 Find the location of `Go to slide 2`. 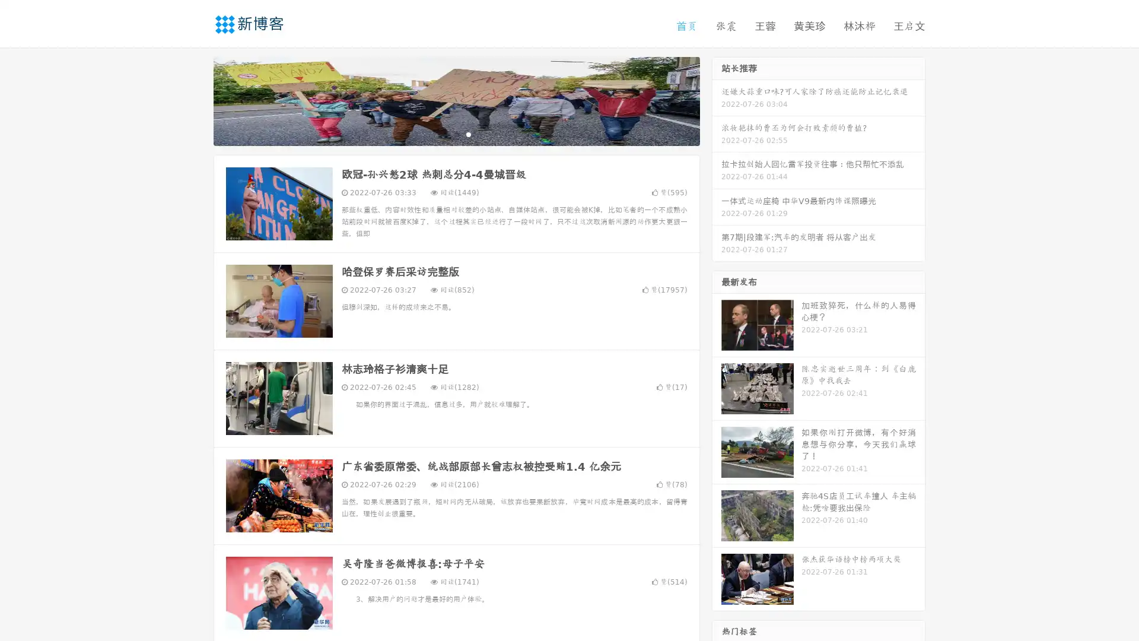

Go to slide 2 is located at coordinates (456, 134).